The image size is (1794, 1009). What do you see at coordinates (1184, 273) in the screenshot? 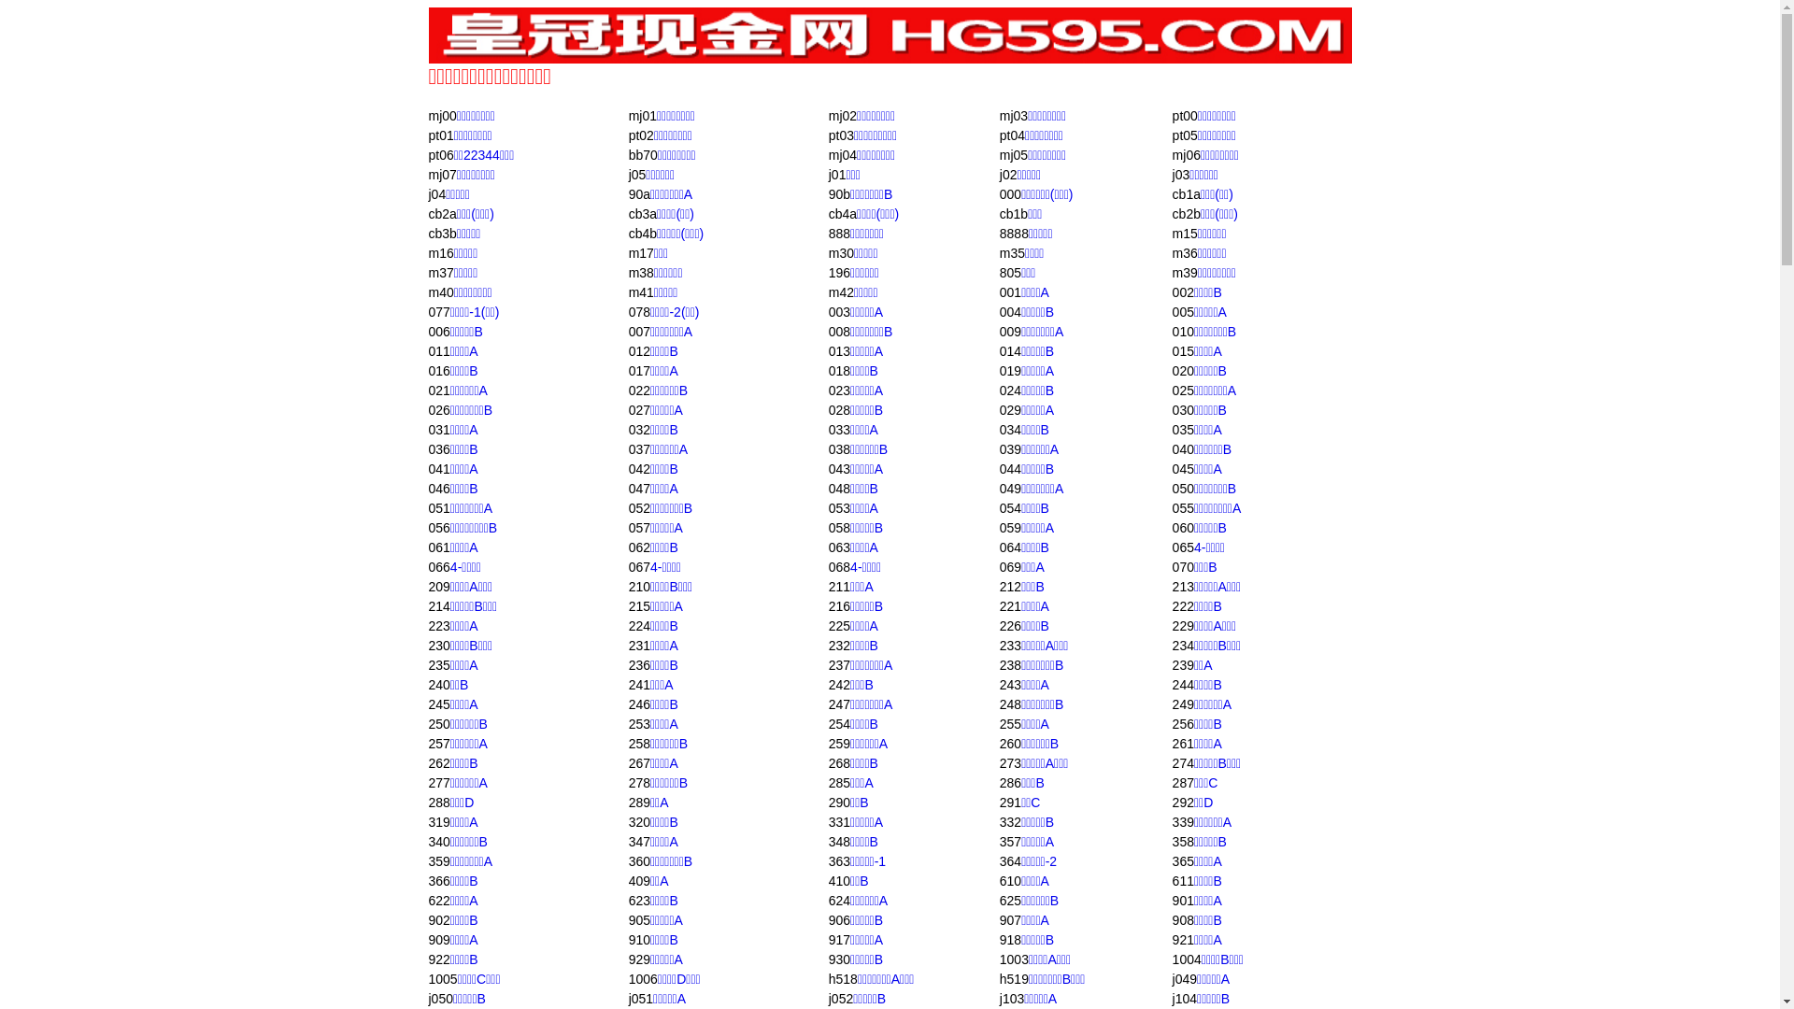
I see `'m39'` at bounding box center [1184, 273].